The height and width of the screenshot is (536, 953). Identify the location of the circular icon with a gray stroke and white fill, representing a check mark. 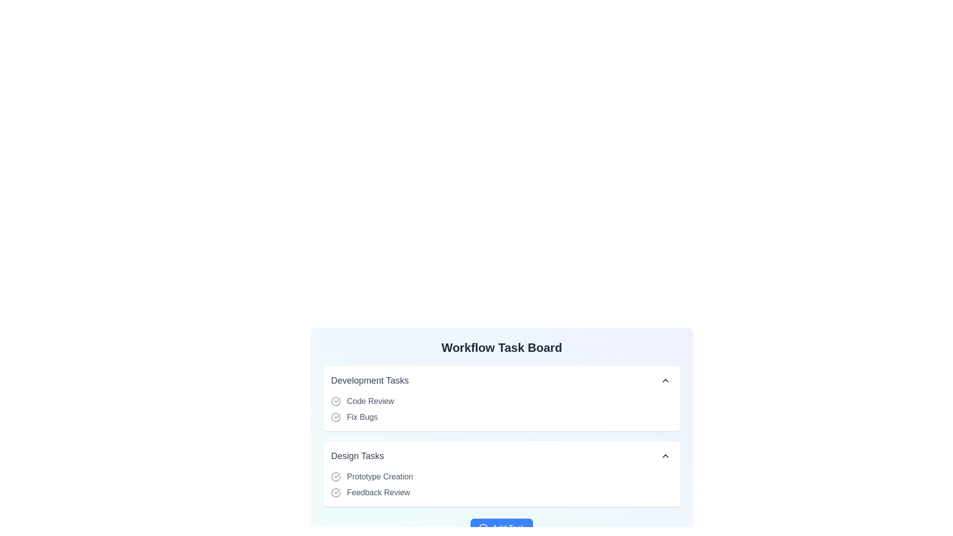
(336, 401).